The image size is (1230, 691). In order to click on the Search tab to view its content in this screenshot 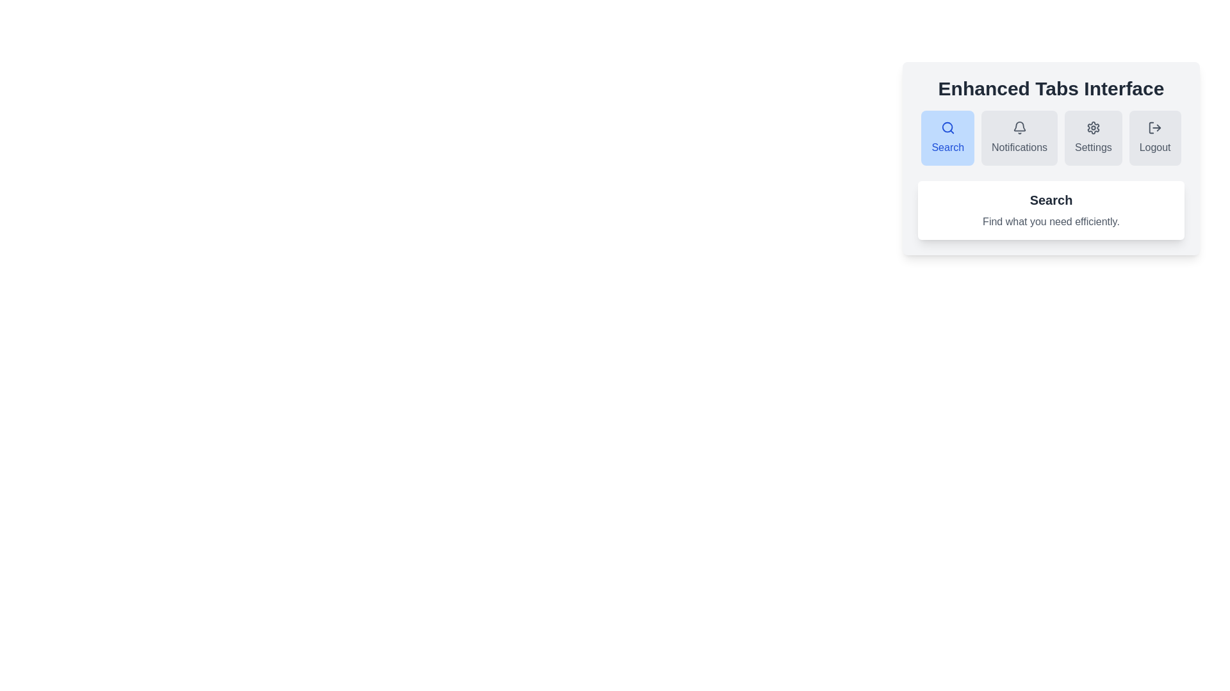, I will do `click(947, 138)`.